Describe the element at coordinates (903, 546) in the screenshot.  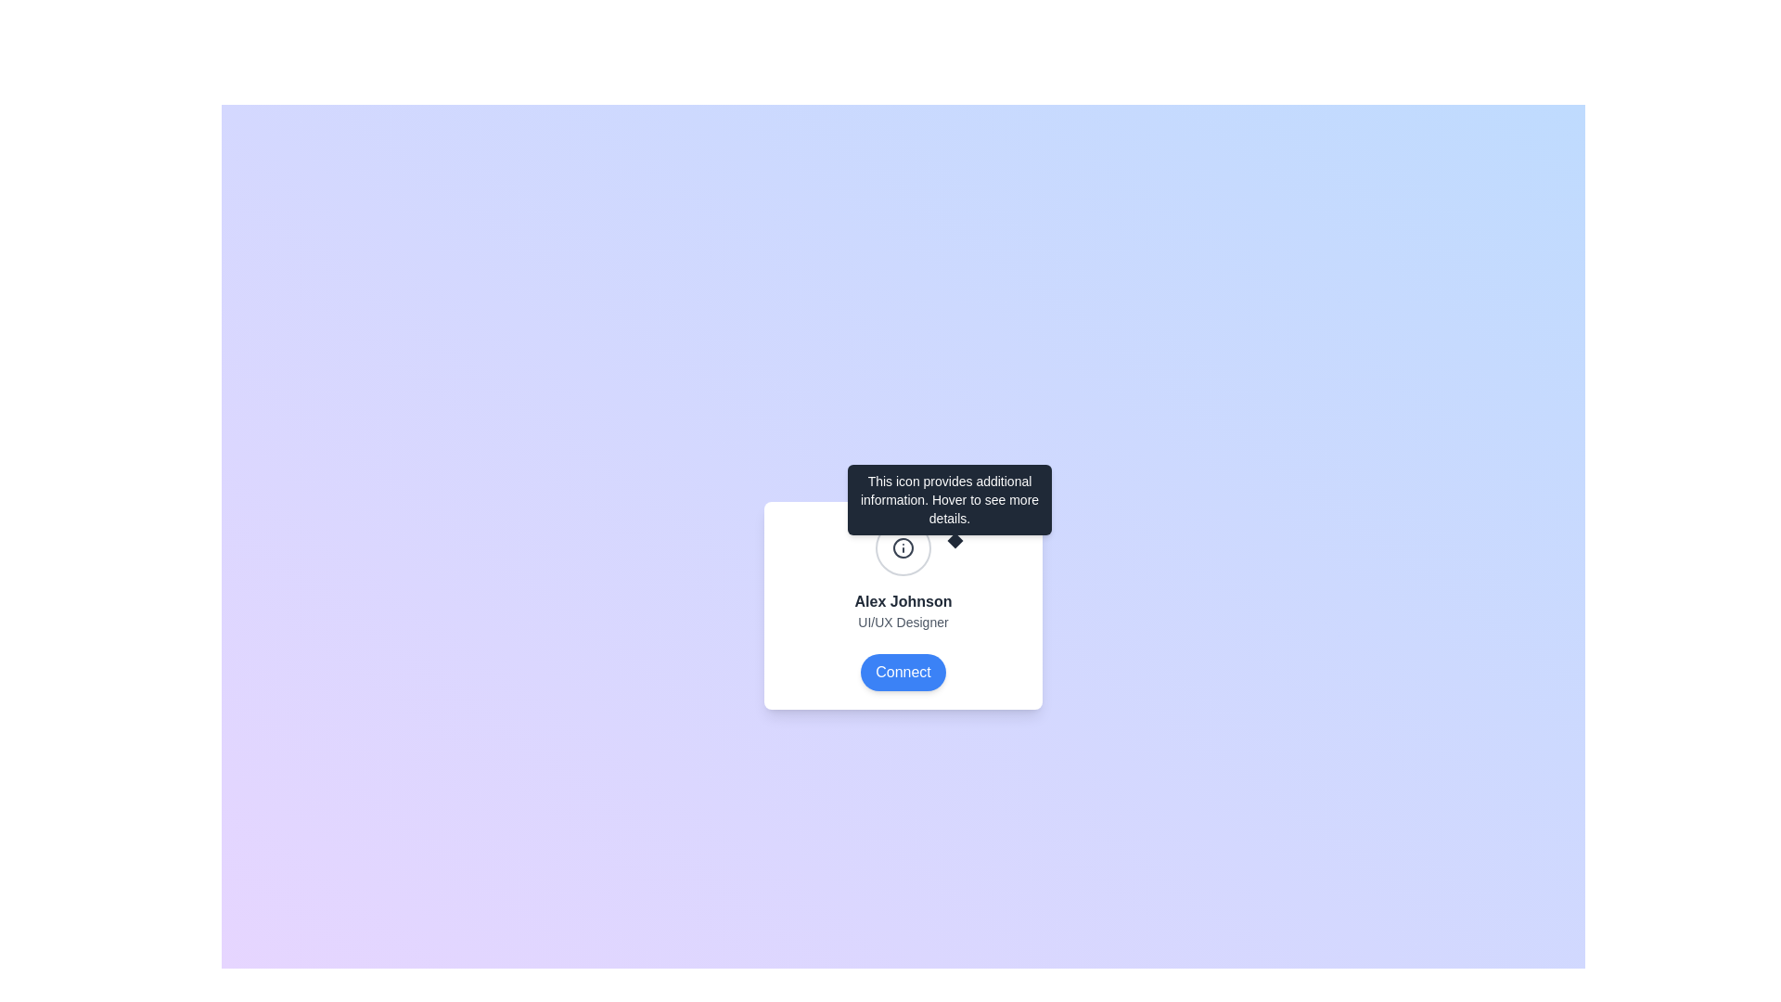
I see `the circular information icon with a gray border and blue center containing an 'i' symbol, located above the text 'Alex Johnson'` at that location.